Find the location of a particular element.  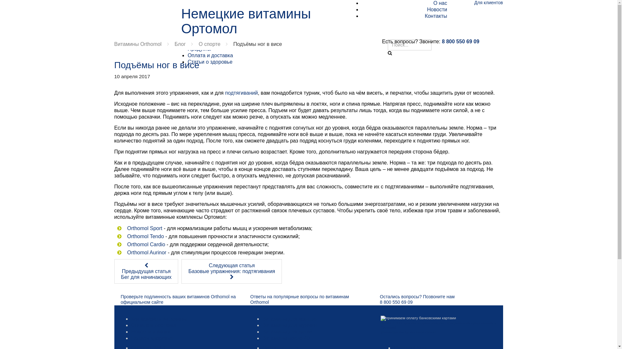

'Orthomol Sport' is located at coordinates (144, 228).